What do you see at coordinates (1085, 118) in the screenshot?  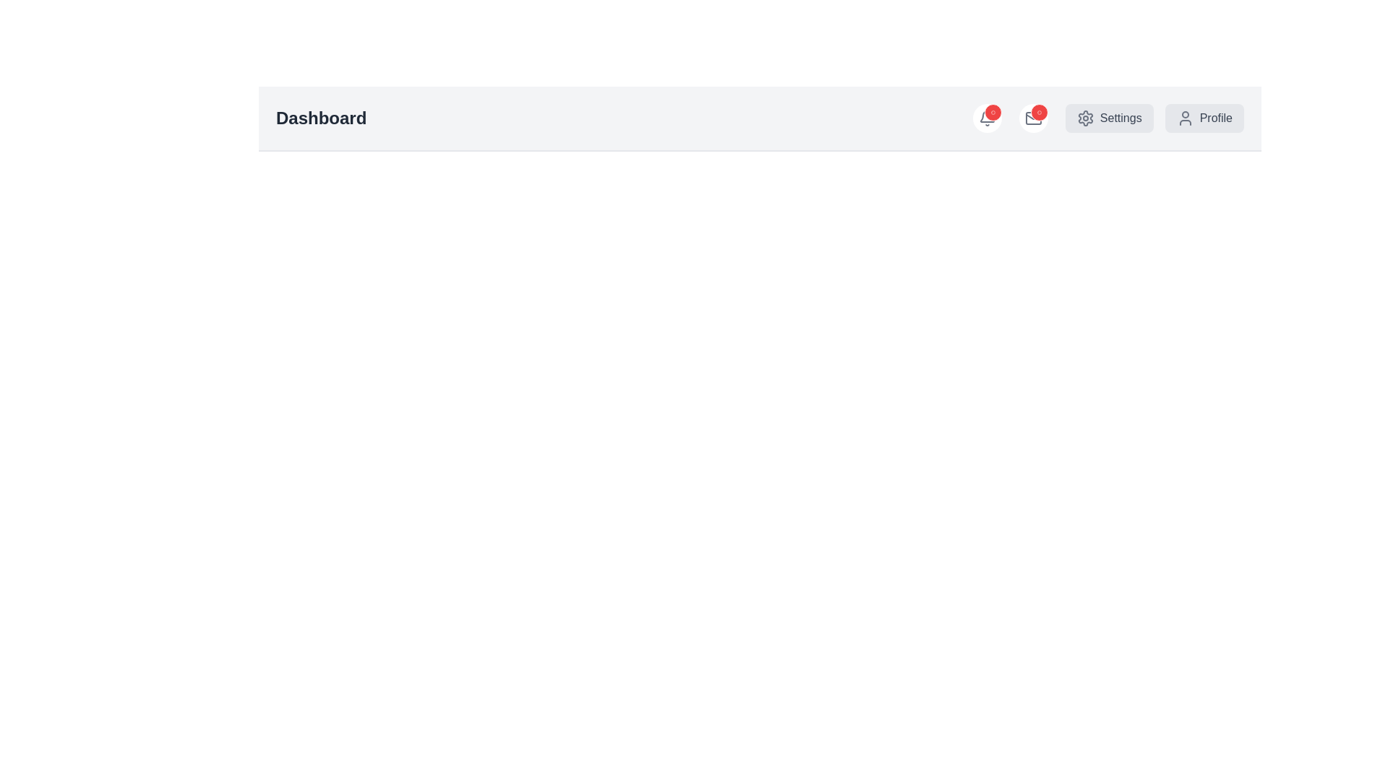 I see `the gear icon for settings` at bounding box center [1085, 118].